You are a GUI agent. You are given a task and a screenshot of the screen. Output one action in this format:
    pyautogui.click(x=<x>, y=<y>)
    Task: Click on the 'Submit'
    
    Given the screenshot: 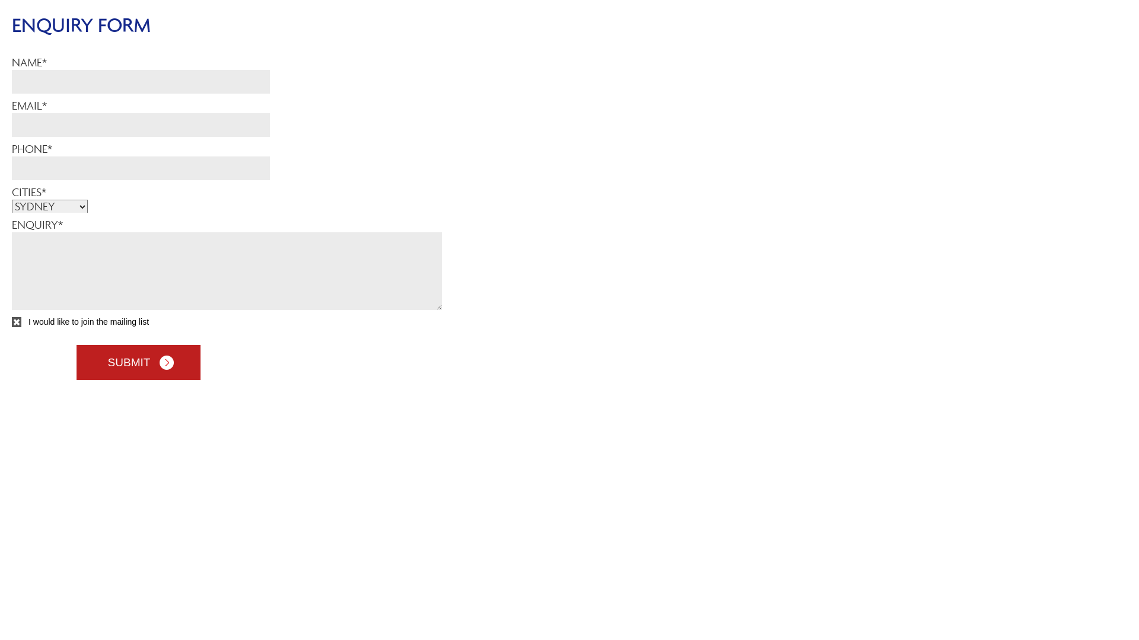 What is the action you would take?
    pyautogui.click(x=138, y=361)
    